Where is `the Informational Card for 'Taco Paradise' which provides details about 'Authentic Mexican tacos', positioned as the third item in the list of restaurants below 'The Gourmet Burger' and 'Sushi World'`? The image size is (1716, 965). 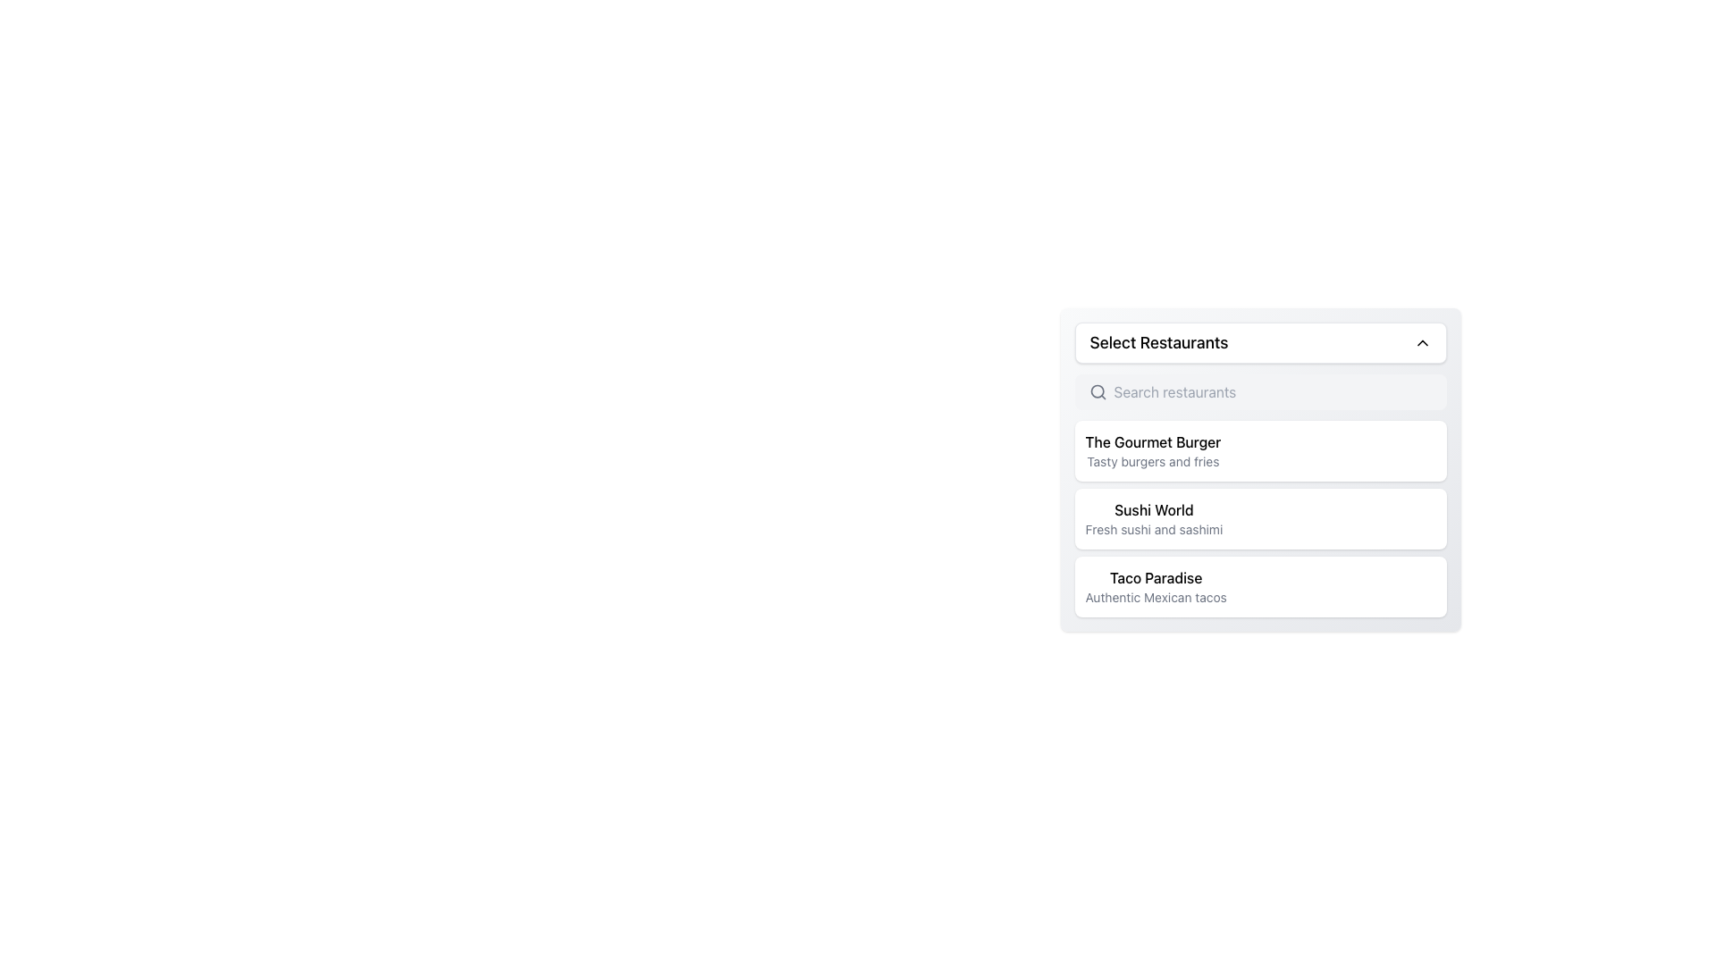
the Informational Card for 'Taco Paradise' which provides details about 'Authentic Mexican tacos', positioned as the third item in the list of restaurants below 'The Gourmet Burger' and 'Sushi World' is located at coordinates (1259, 586).